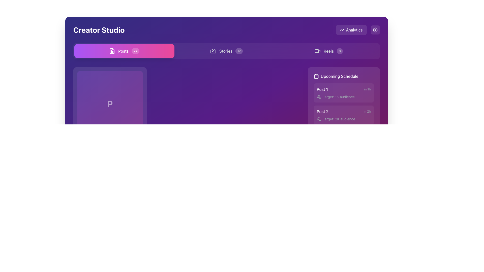  I want to click on the settings icon button located in the top-right corner of the interface, so click(375, 30).